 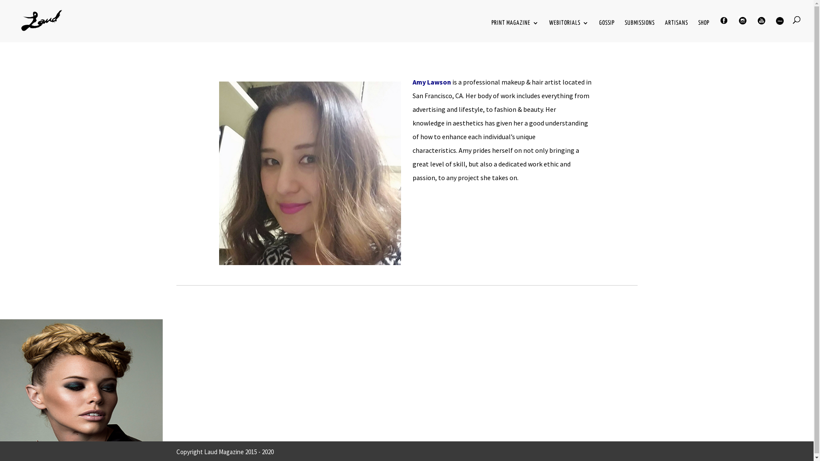 What do you see at coordinates (515, 31) in the screenshot?
I see `'PRINT MAGAZINE'` at bounding box center [515, 31].